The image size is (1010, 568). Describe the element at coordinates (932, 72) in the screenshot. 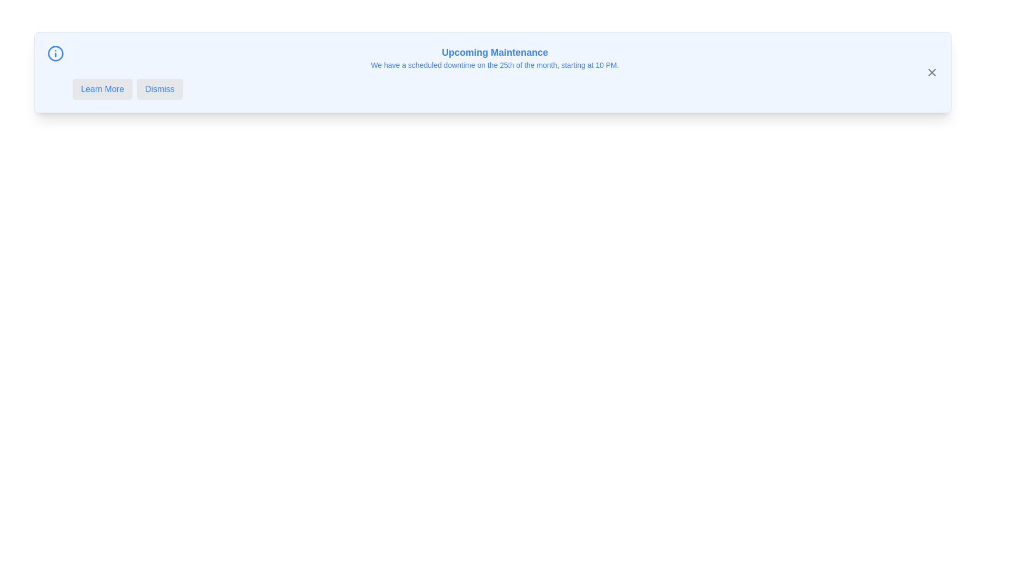

I see `the dismiss button located at the far right of the blue notification bar to observe its color change` at that location.